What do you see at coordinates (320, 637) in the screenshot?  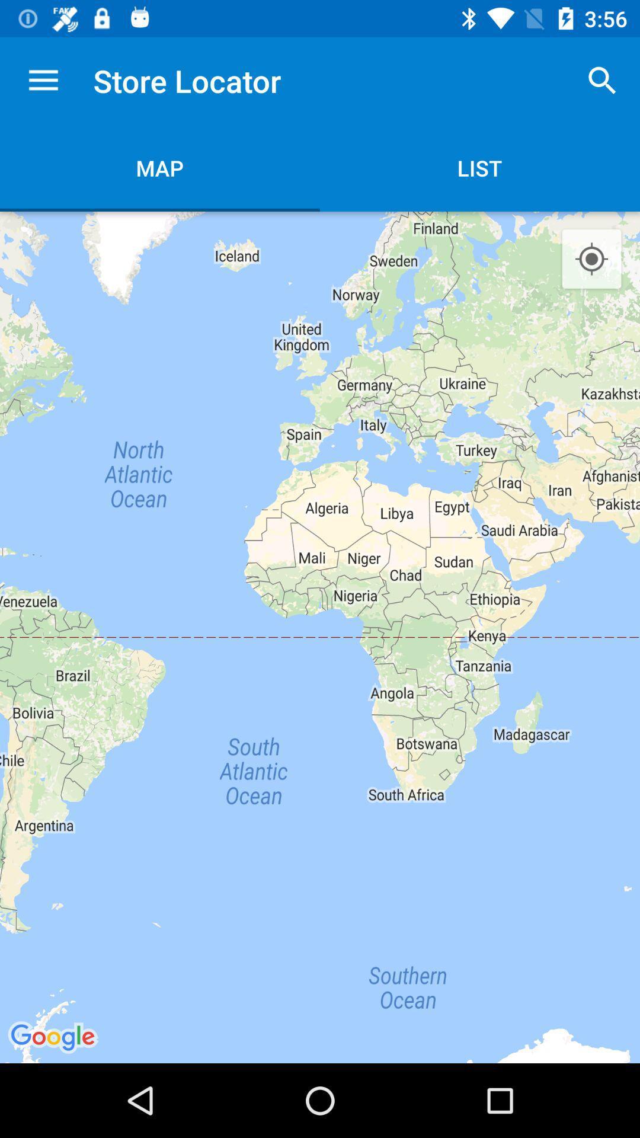 I see `the icon below the map icon` at bounding box center [320, 637].